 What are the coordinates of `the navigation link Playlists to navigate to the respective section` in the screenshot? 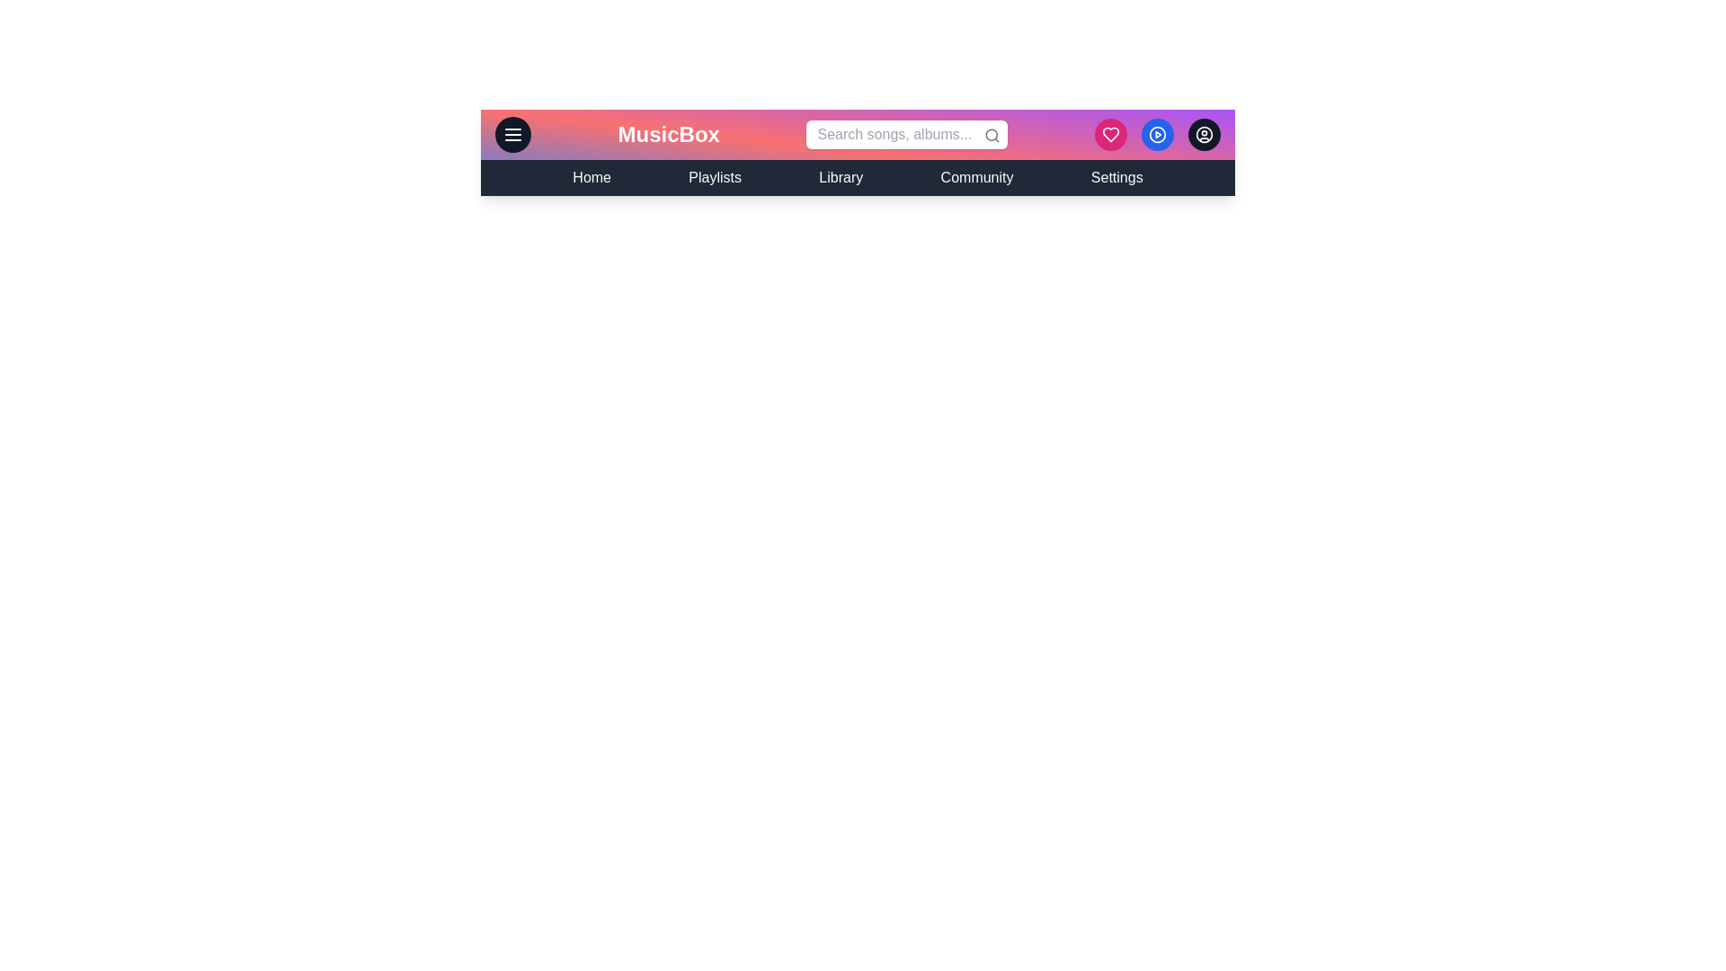 It's located at (714, 177).